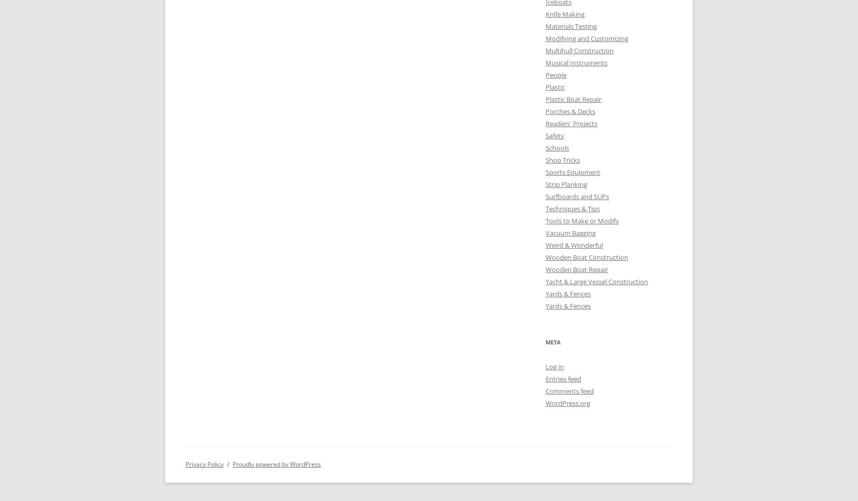  I want to click on 'Proudly powered by WordPress', so click(276, 463).